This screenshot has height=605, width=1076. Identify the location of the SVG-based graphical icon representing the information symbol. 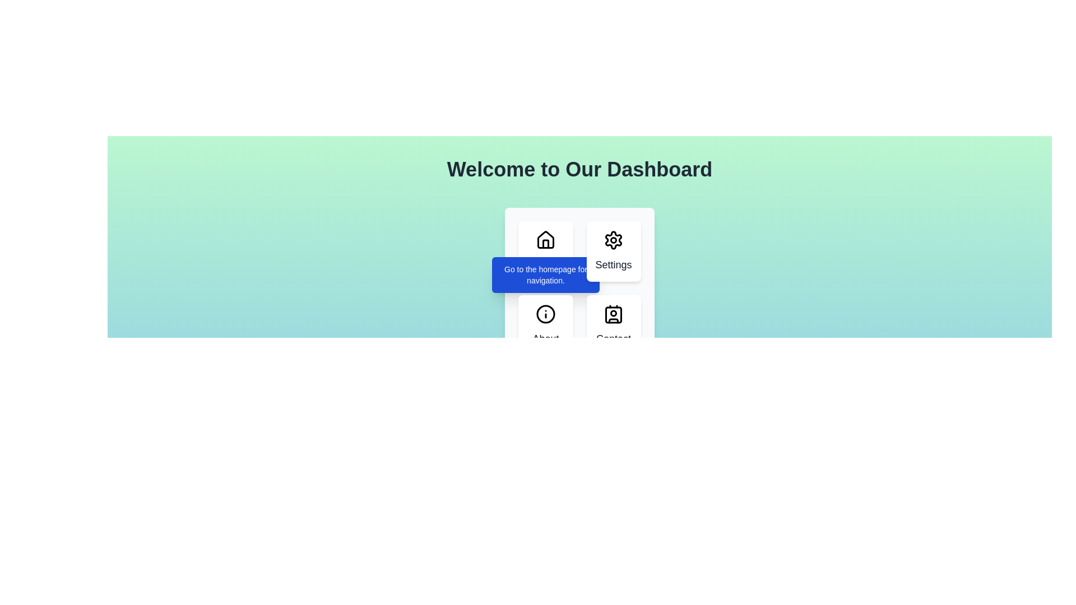
(546, 314).